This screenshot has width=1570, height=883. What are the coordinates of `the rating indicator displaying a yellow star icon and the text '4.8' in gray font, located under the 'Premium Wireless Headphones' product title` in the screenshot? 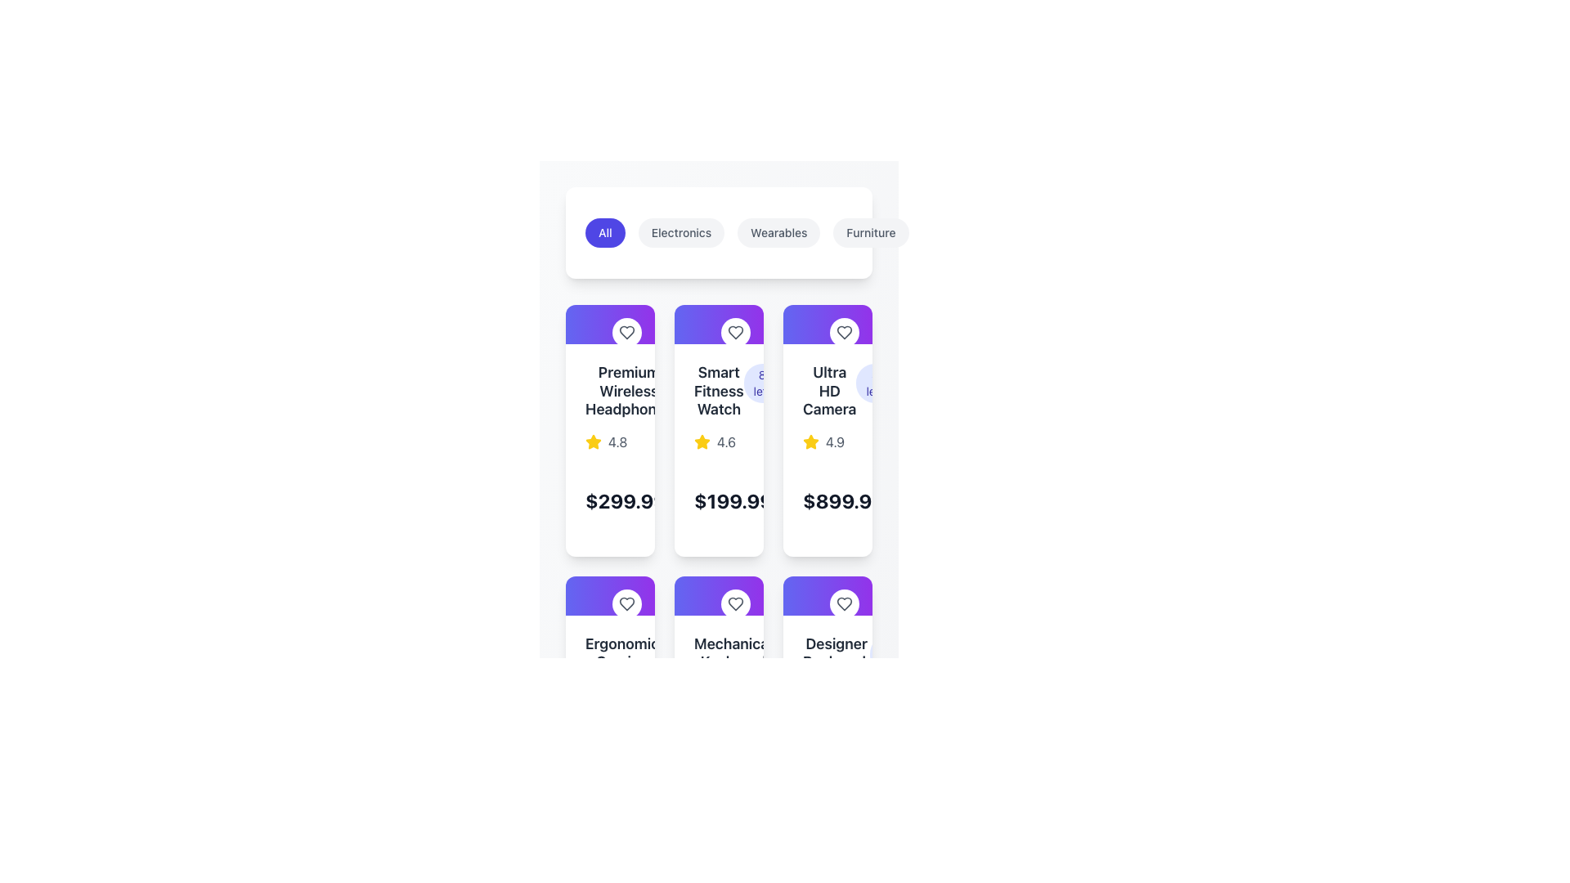 It's located at (609, 441).